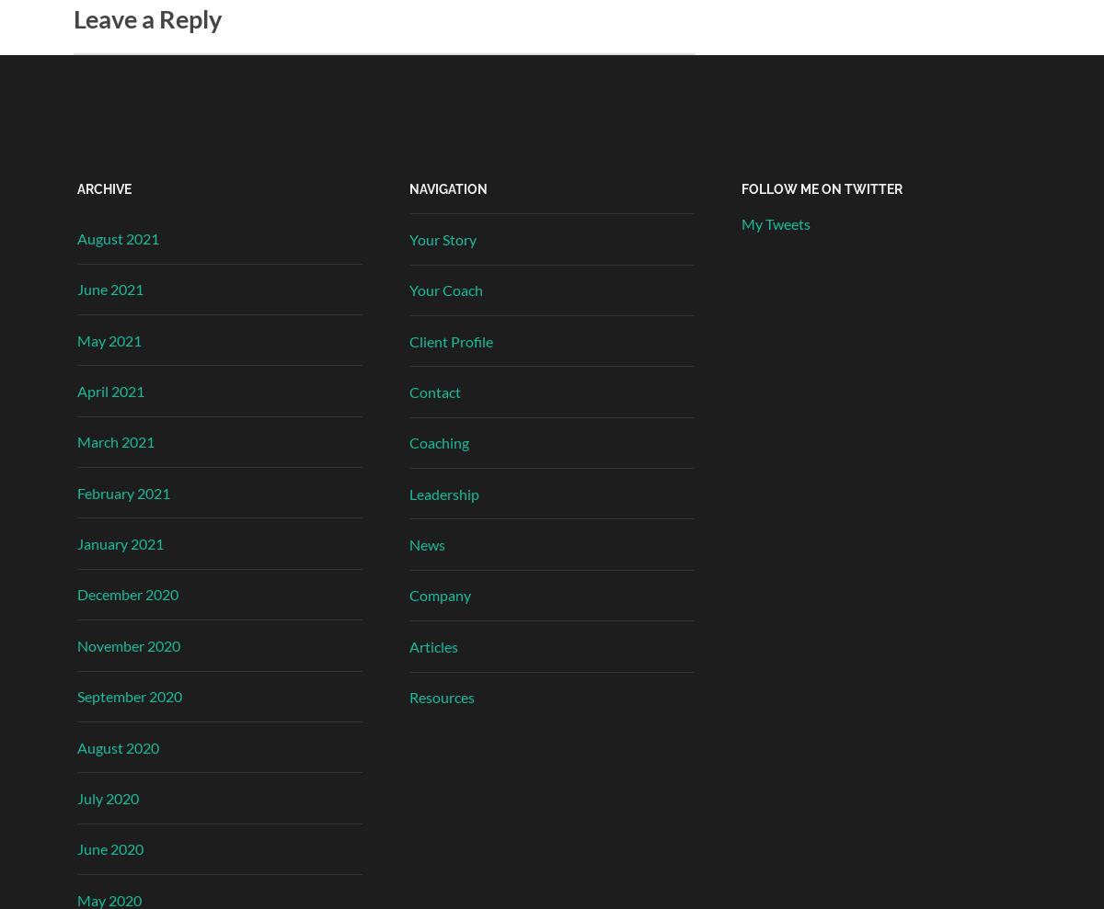 Image resolution: width=1104 pixels, height=909 pixels. I want to click on 'Your Story', so click(442, 237).